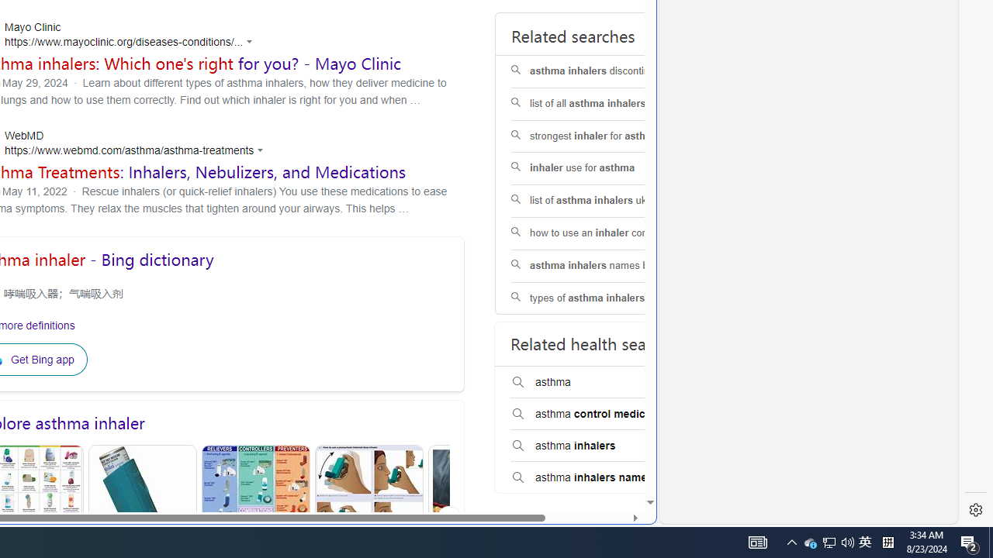 The height and width of the screenshot is (558, 993). I want to click on 'list of all asthma inhalers', so click(608, 103).